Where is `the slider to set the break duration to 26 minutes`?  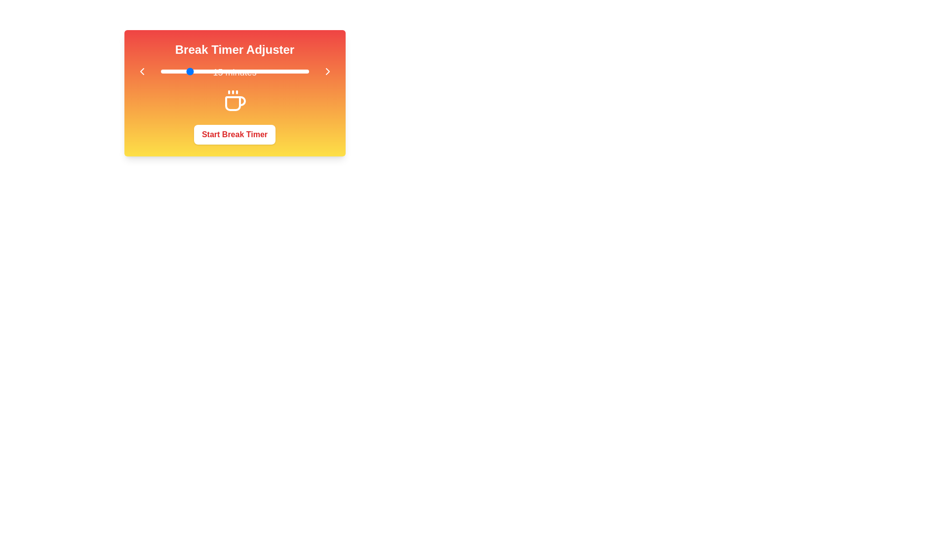
the slider to set the break duration to 26 minutes is located at coordinates (217, 71).